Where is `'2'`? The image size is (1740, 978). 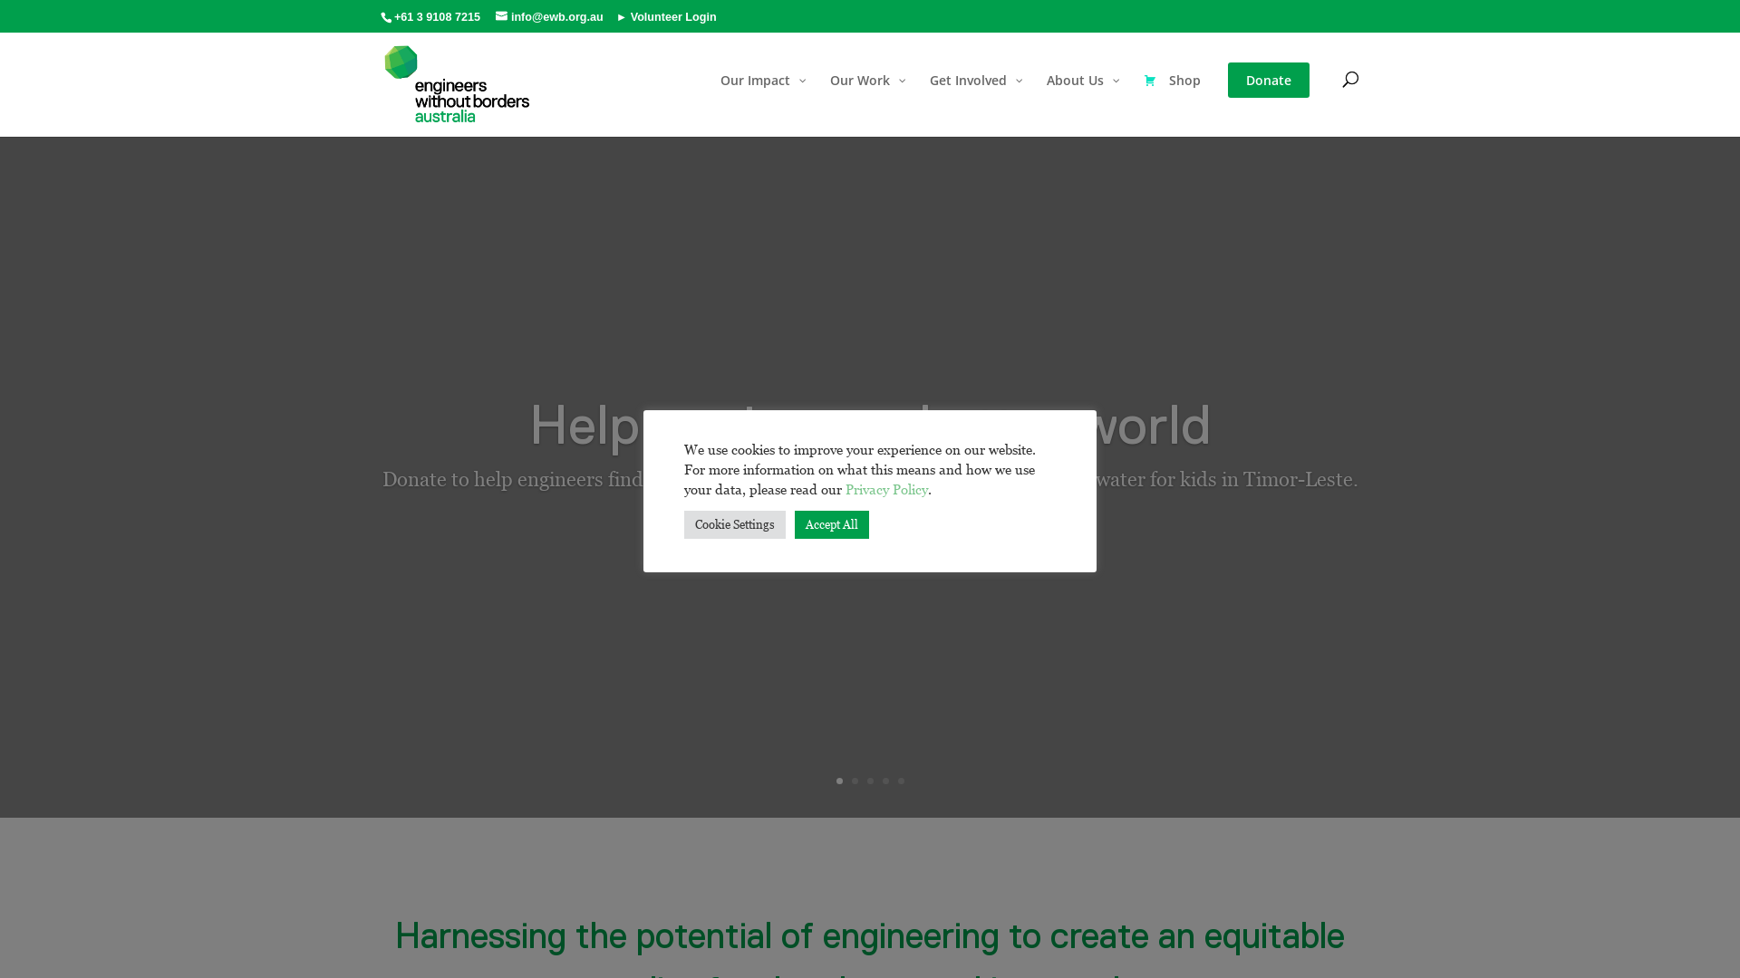 '2' is located at coordinates (854, 780).